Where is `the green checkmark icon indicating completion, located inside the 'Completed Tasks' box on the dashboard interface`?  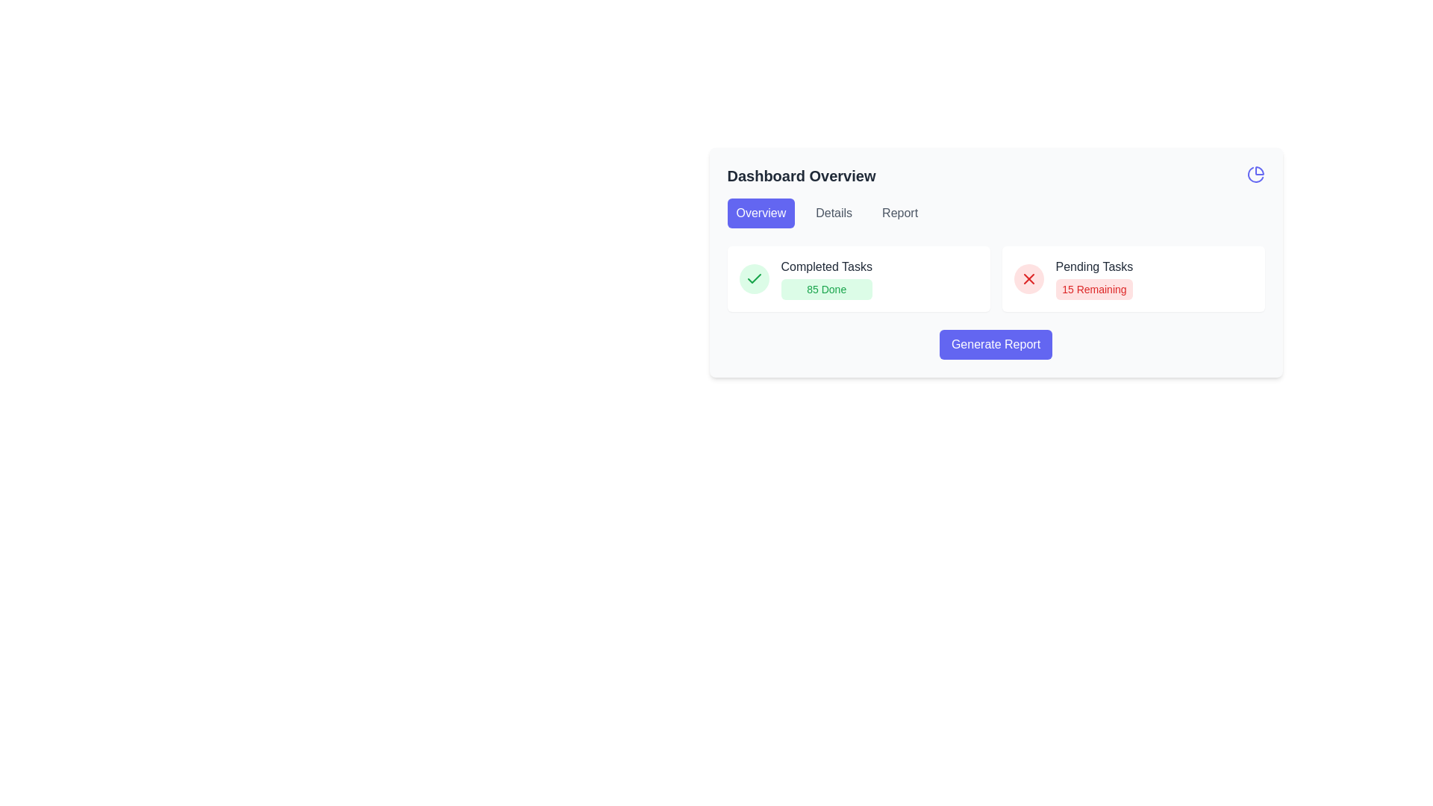
the green checkmark icon indicating completion, located inside the 'Completed Tasks' box on the dashboard interface is located at coordinates (754, 278).